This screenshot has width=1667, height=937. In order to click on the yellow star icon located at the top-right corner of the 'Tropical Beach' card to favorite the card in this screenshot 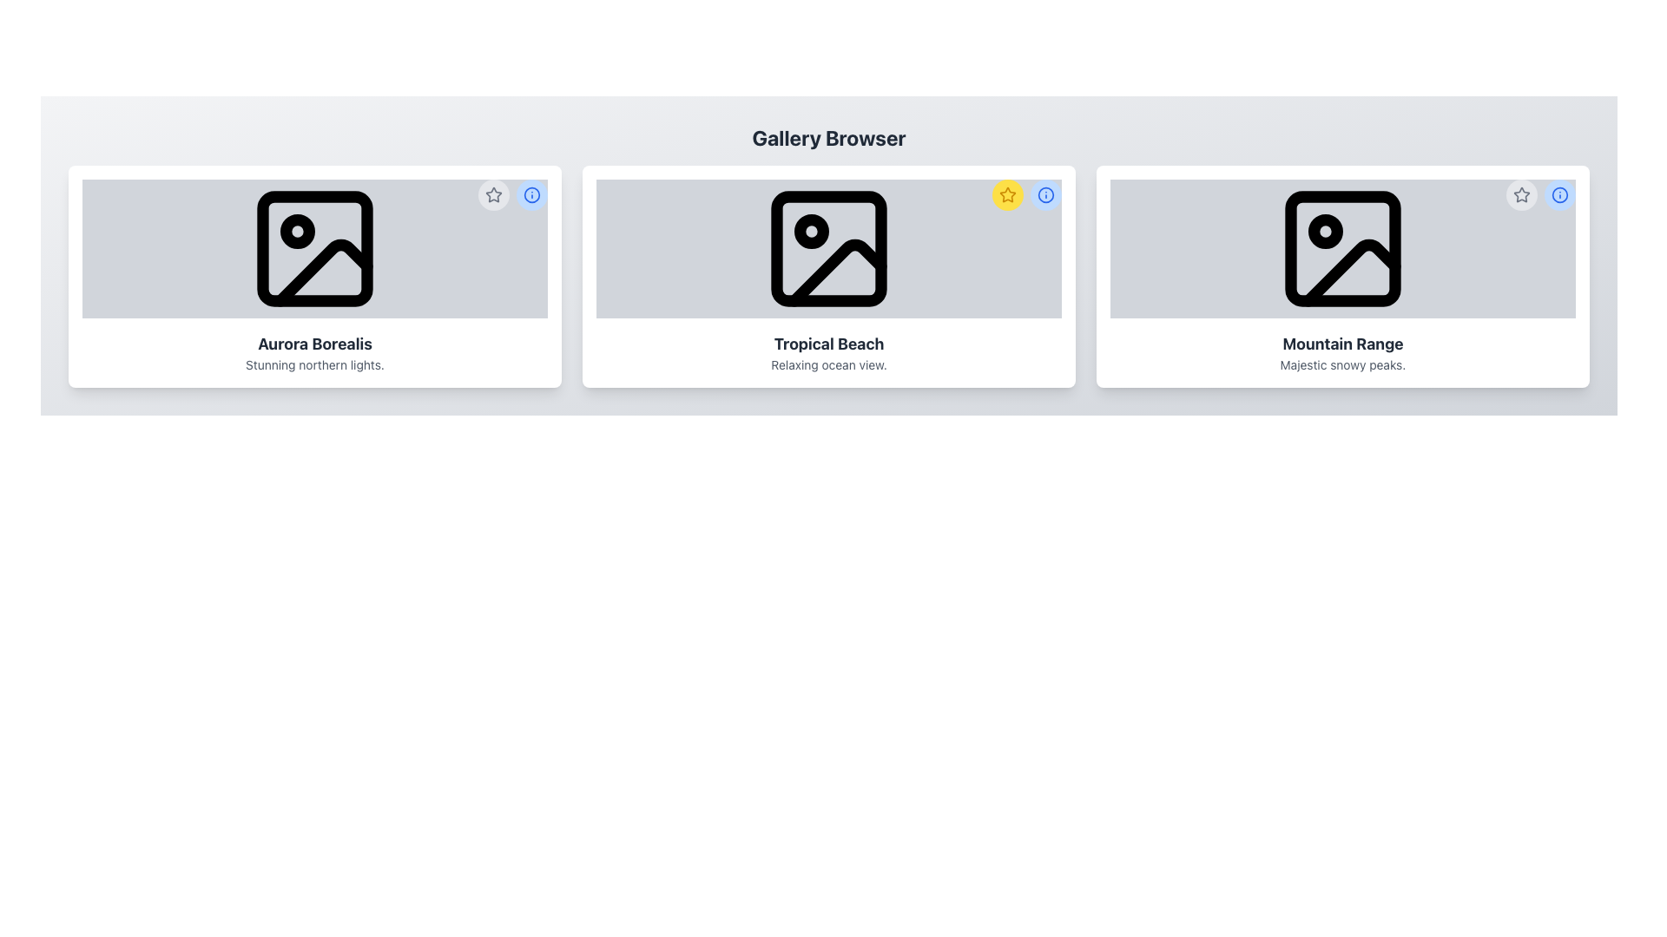, I will do `click(1026, 194)`.